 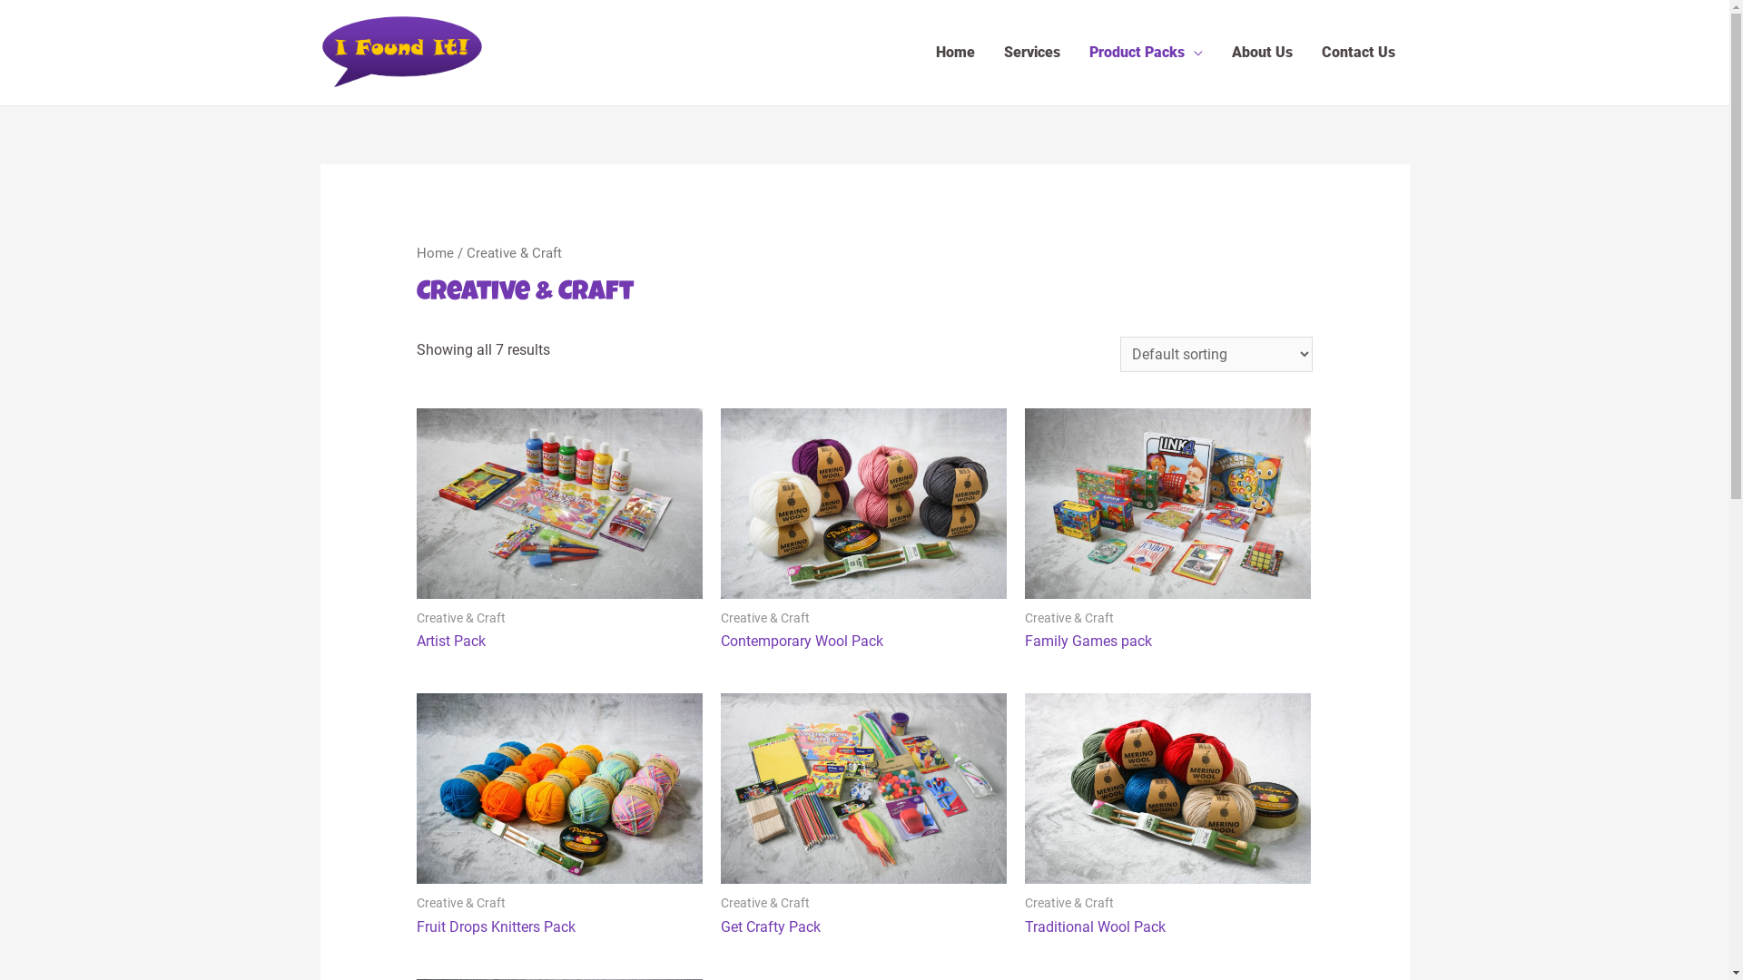 I want to click on 'Product Packs', so click(x=1145, y=51).